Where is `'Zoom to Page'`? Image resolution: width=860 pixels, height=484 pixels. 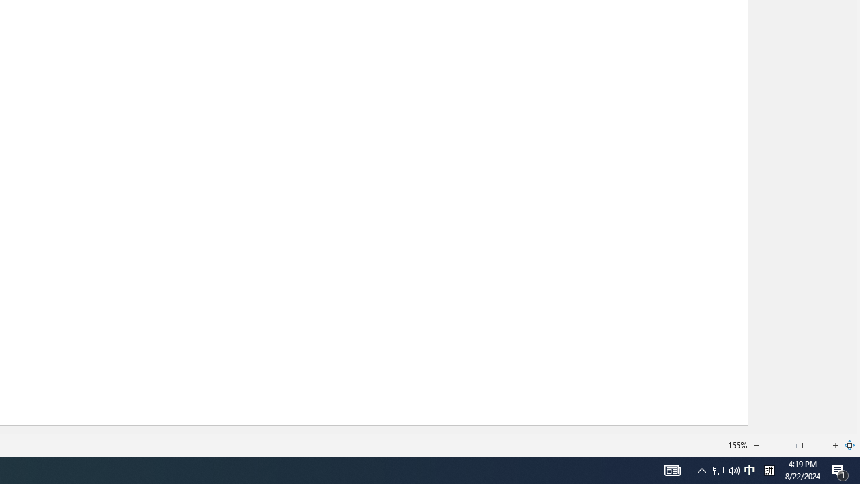
'Zoom to Page' is located at coordinates (849, 446).